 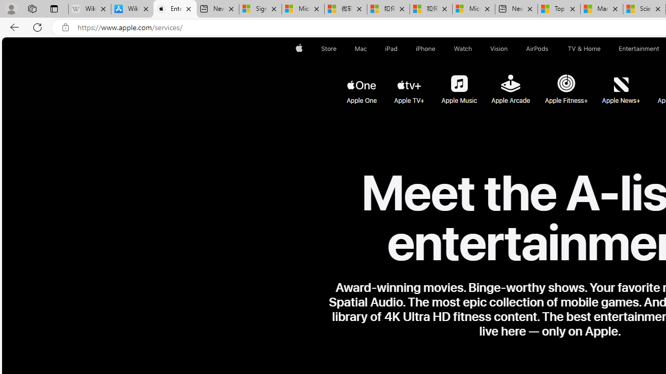 What do you see at coordinates (584, 48) in the screenshot?
I see `'TV & Home'` at bounding box center [584, 48].